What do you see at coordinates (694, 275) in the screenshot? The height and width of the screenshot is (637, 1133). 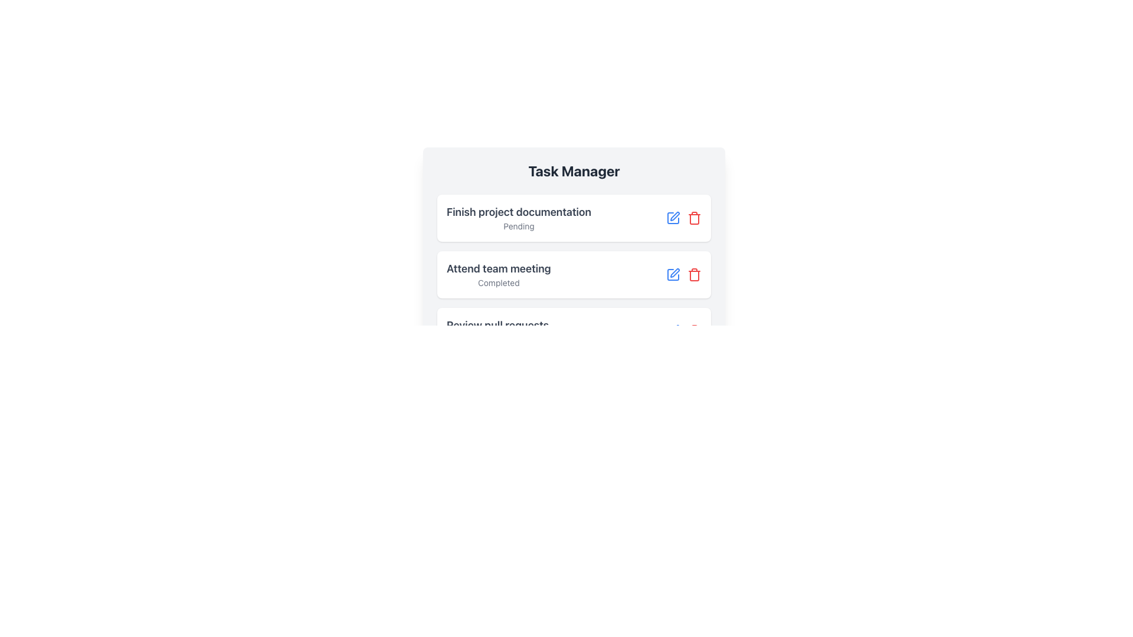 I see `the red trash can icon located in the second task list item, positioned after the blue edit icon` at bounding box center [694, 275].